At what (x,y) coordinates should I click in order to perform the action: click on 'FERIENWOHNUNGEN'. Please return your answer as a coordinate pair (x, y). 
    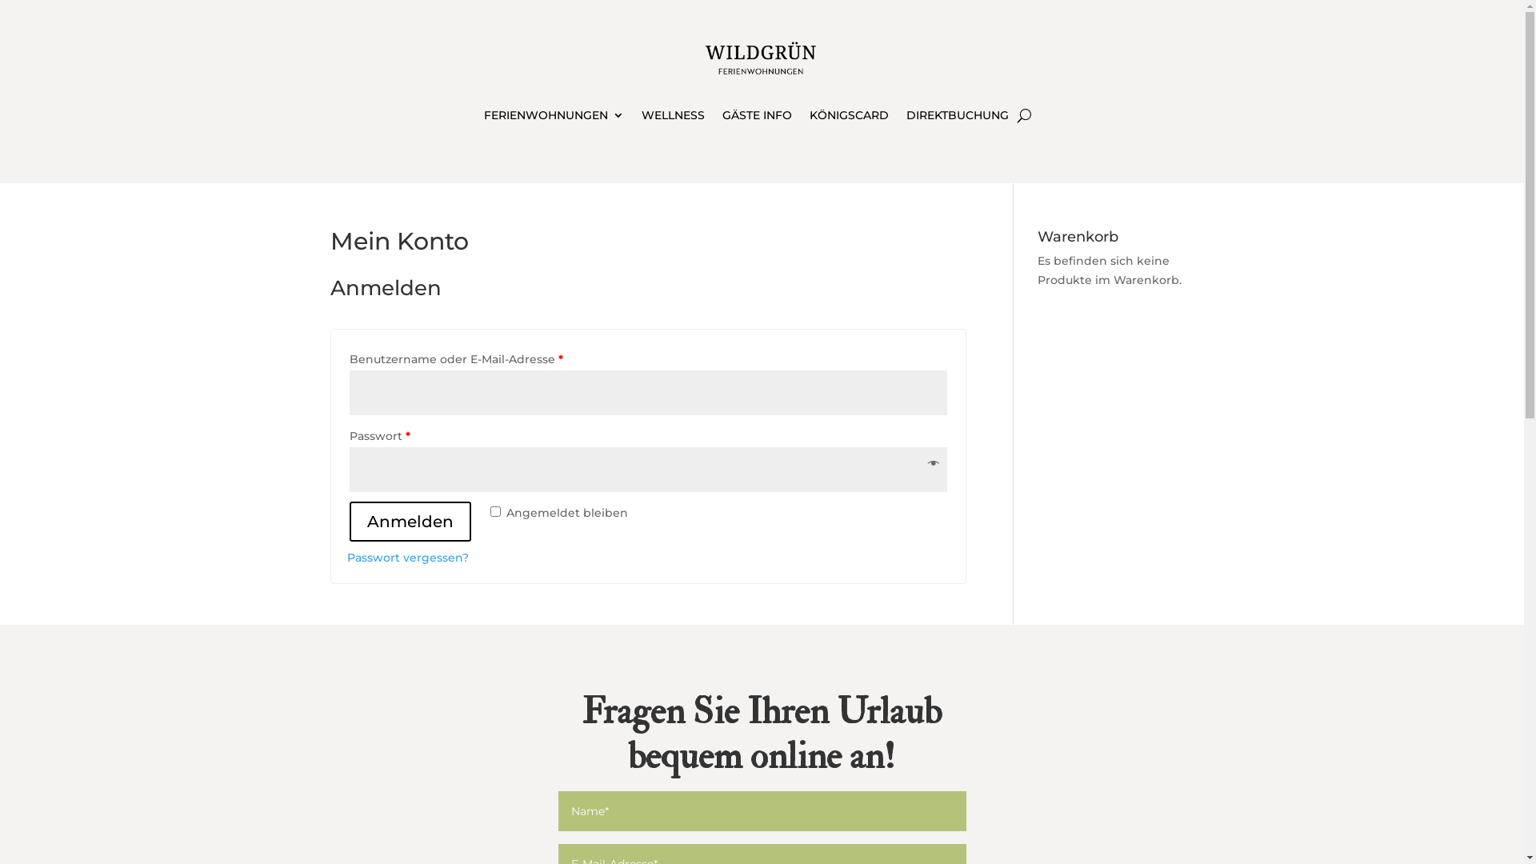
    Looking at the image, I should click on (554, 117).